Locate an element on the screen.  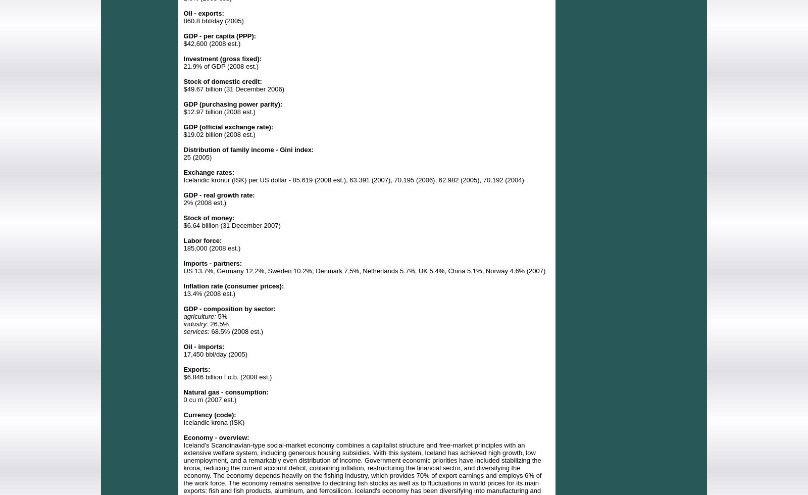
'US 13.7%, Germany 12.2%, Sweden 10.2%, Denmark 7.5%, Netherlands 5.7%, UK 5.4%, China 5.1%, Norway 4.6% (2007)' is located at coordinates (364, 270).